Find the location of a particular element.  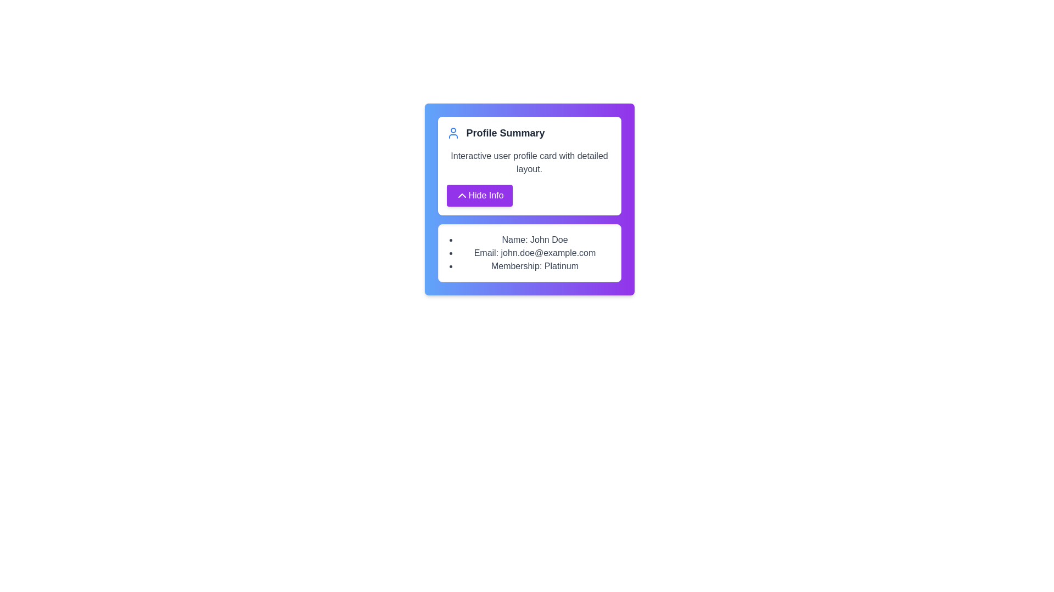

text element displaying 'Profile Summary', which is styled in a large bold font and positioned near the top-left of the user profile card interface is located at coordinates (505, 133).